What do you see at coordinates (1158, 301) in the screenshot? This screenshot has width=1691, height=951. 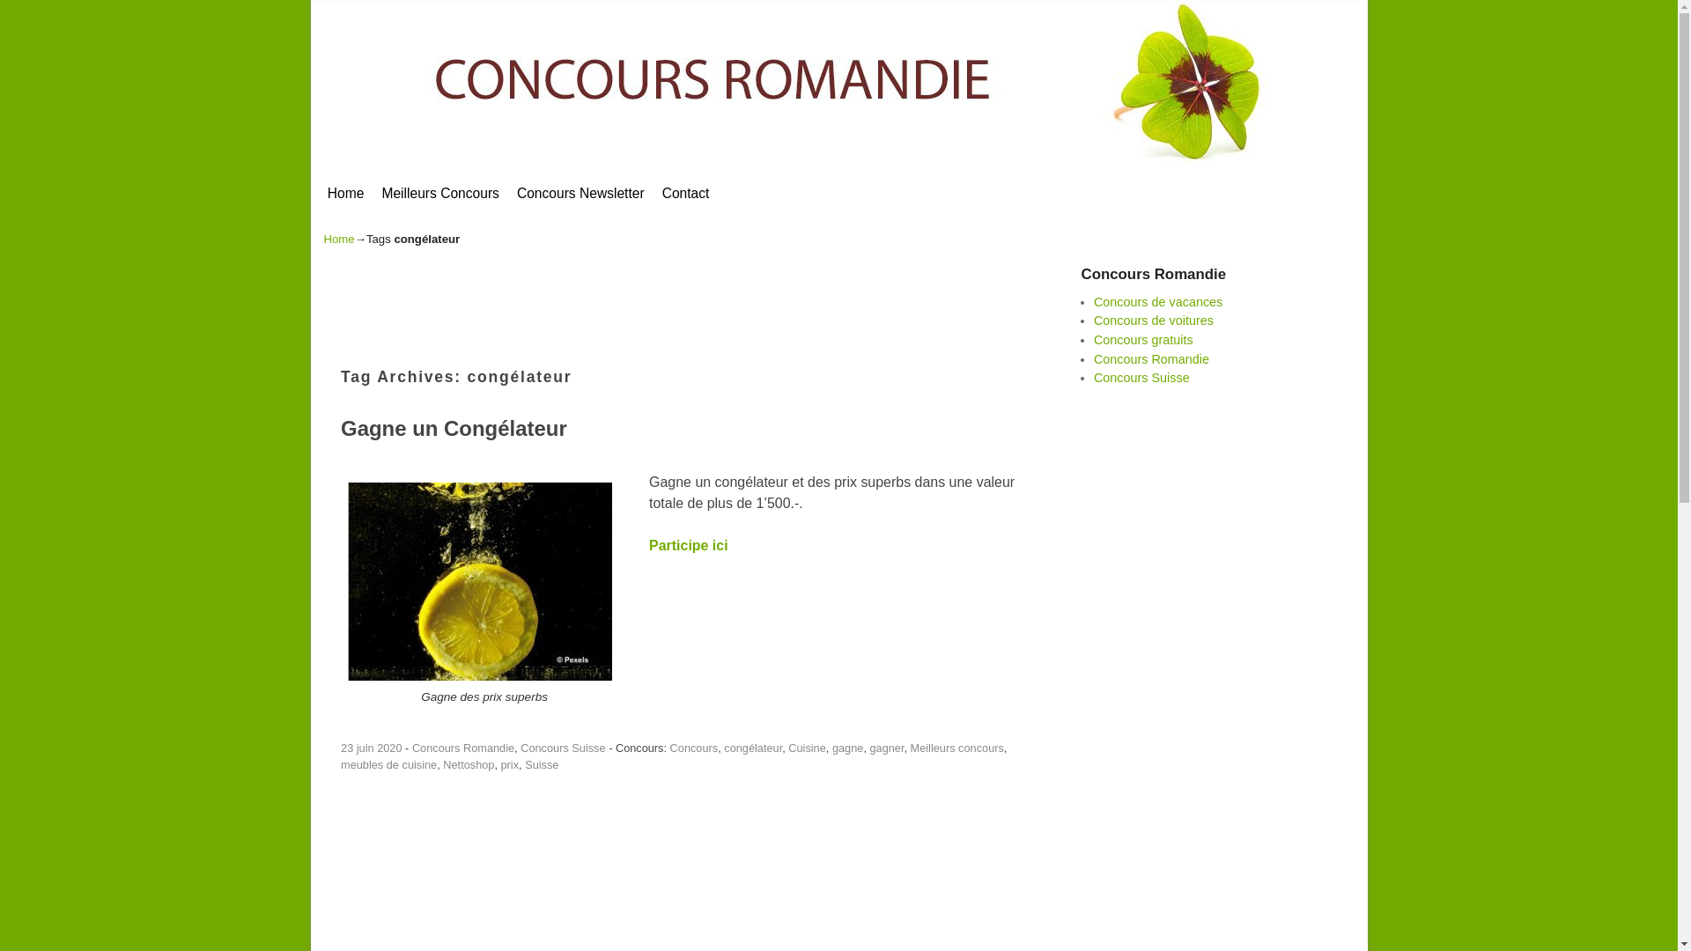 I see `'Concours de vacances'` at bounding box center [1158, 301].